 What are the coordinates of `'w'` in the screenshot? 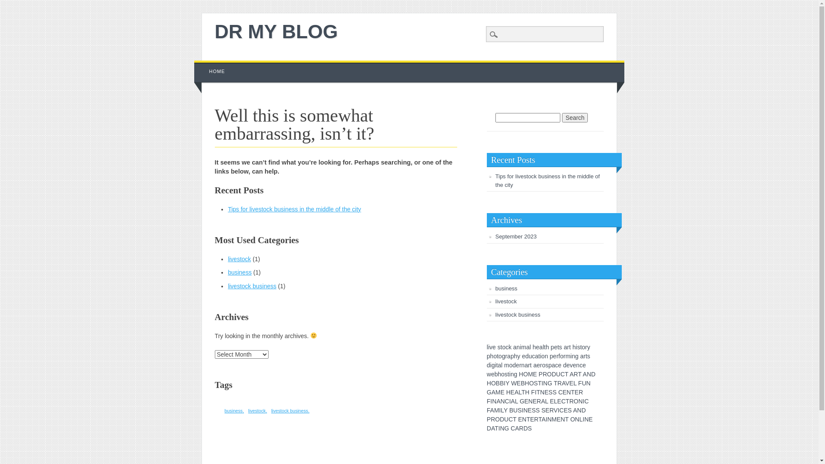 It's located at (489, 374).